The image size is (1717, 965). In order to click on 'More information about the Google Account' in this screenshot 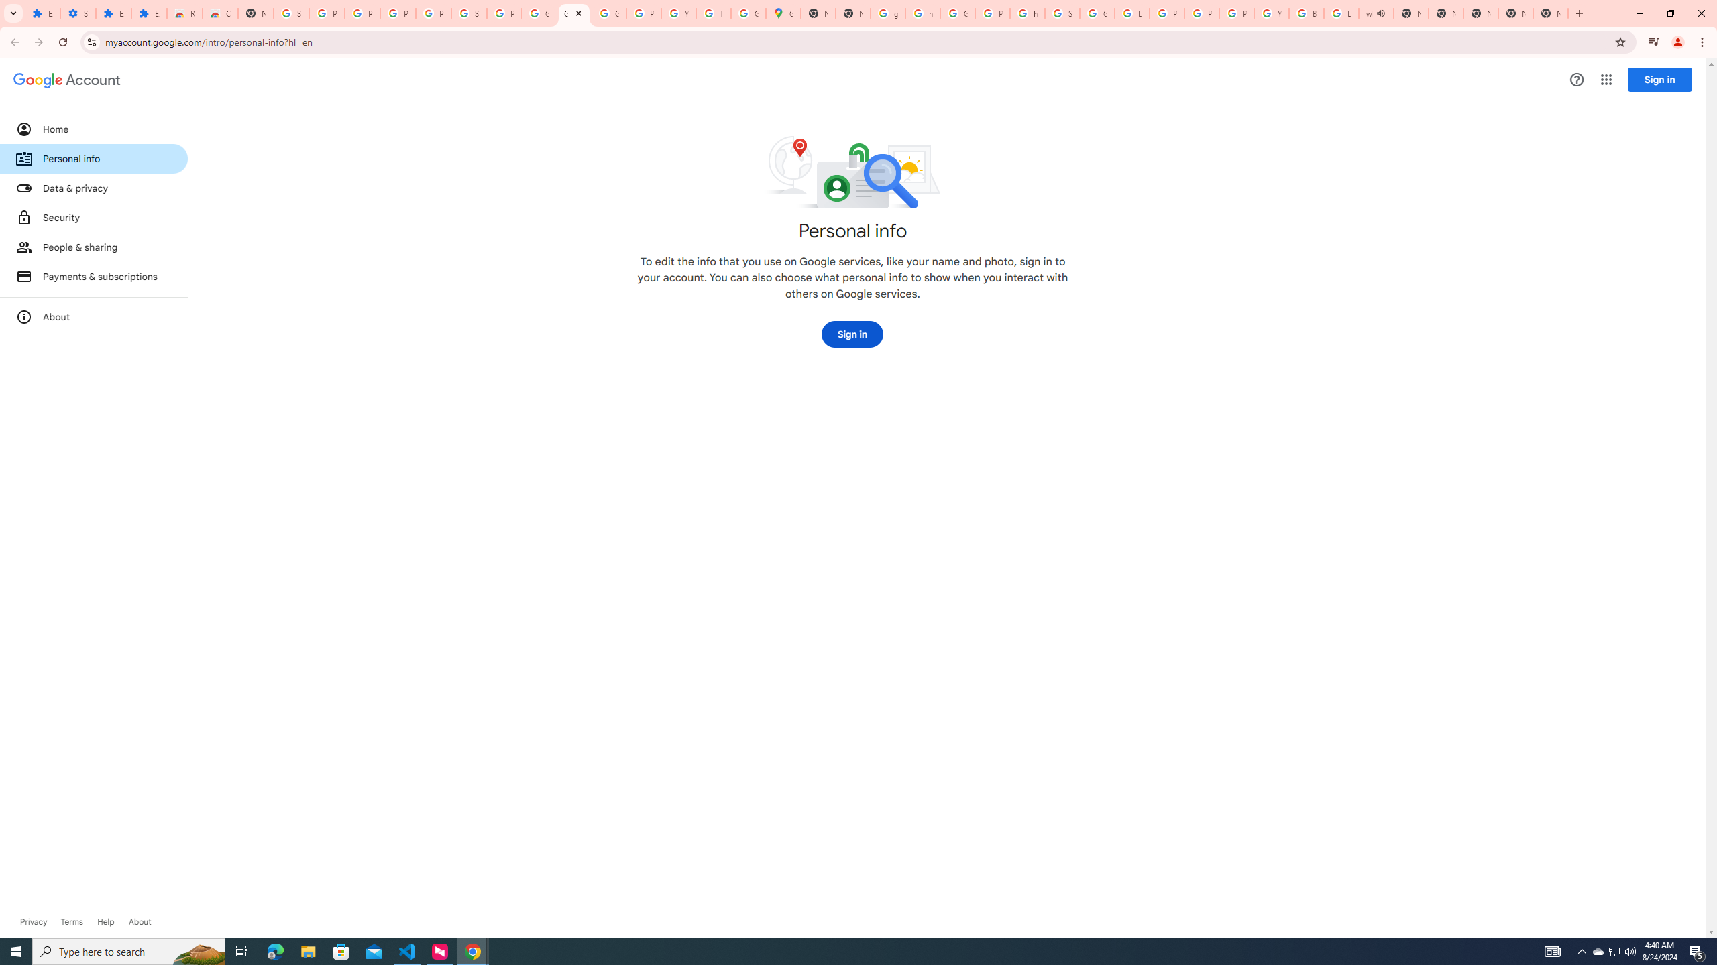, I will do `click(93, 316)`.